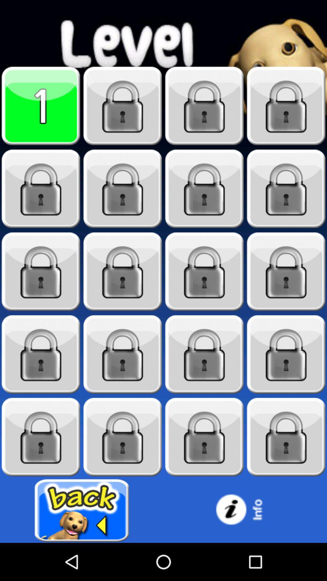 Image resolution: width=327 pixels, height=581 pixels. What do you see at coordinates (286, 437) in the screenshot?
I see `unclock new level` at bounding box center [286, 437].